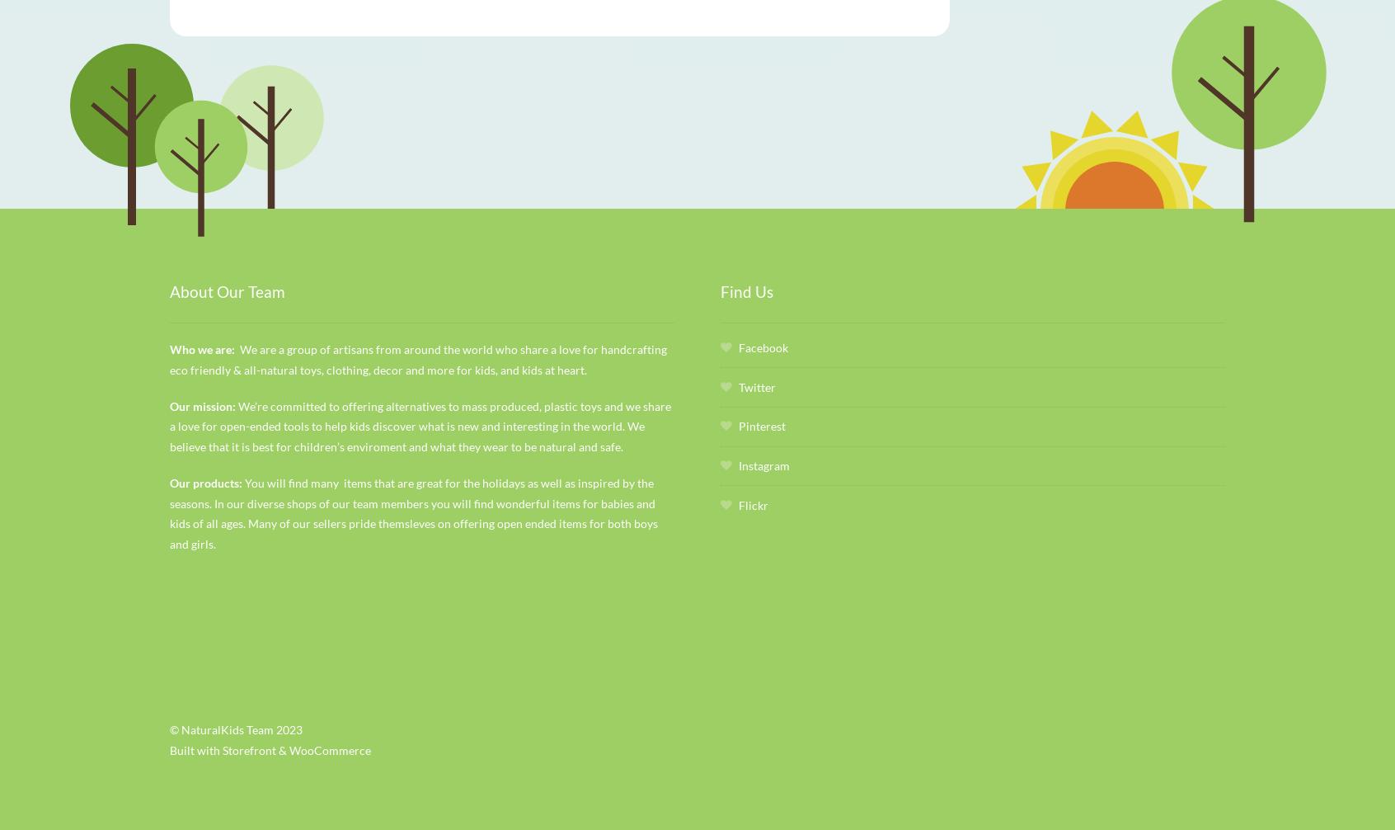  I want to click on 'Who we are:', so click(204, 347).